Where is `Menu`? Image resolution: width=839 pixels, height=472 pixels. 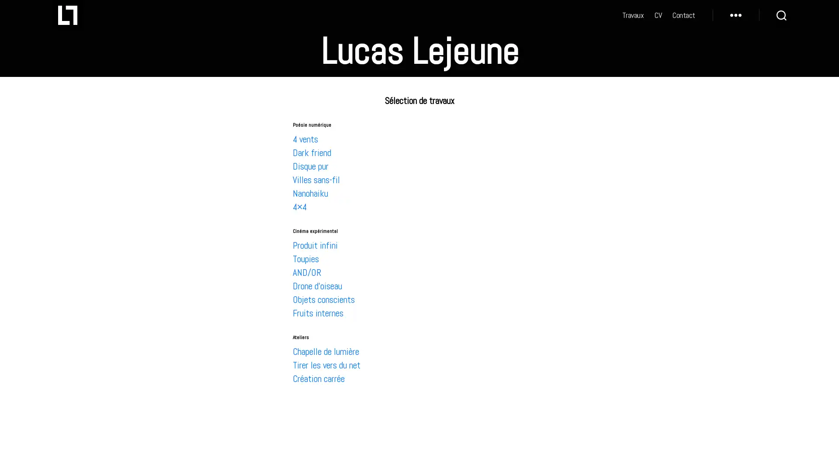 Menu is located at coordinates (735, 20).